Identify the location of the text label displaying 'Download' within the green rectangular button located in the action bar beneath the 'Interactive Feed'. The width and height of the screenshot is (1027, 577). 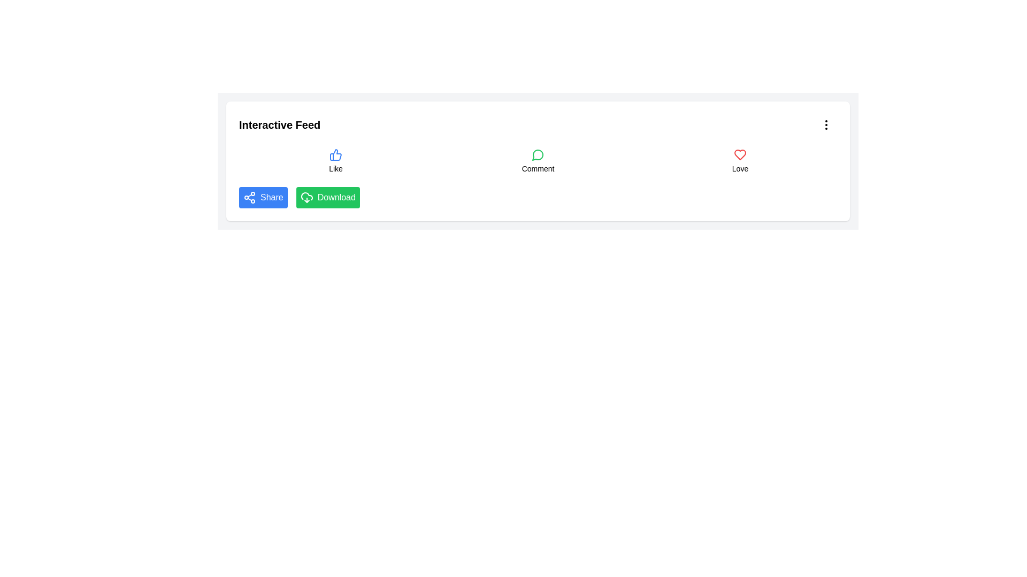
(336, 198).